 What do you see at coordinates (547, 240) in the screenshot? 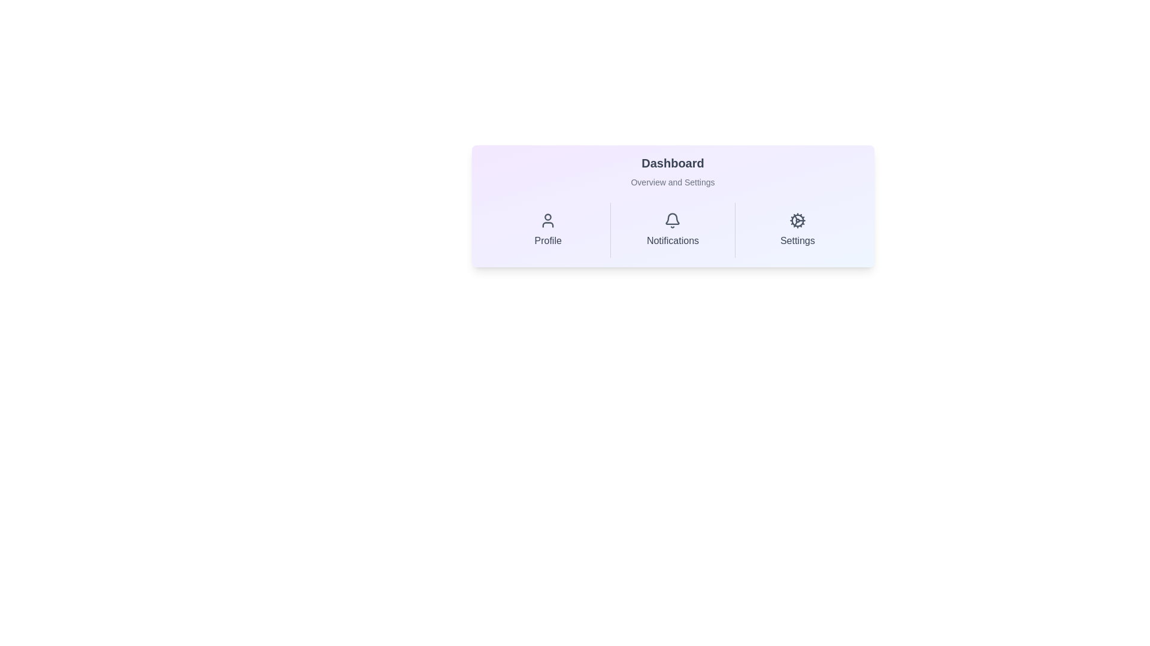
I see `the 'Profile' text label which is styled in gray color and medium bold font, located under the user icon in the menu section of the dashboard` at bounding box center [547, 240].